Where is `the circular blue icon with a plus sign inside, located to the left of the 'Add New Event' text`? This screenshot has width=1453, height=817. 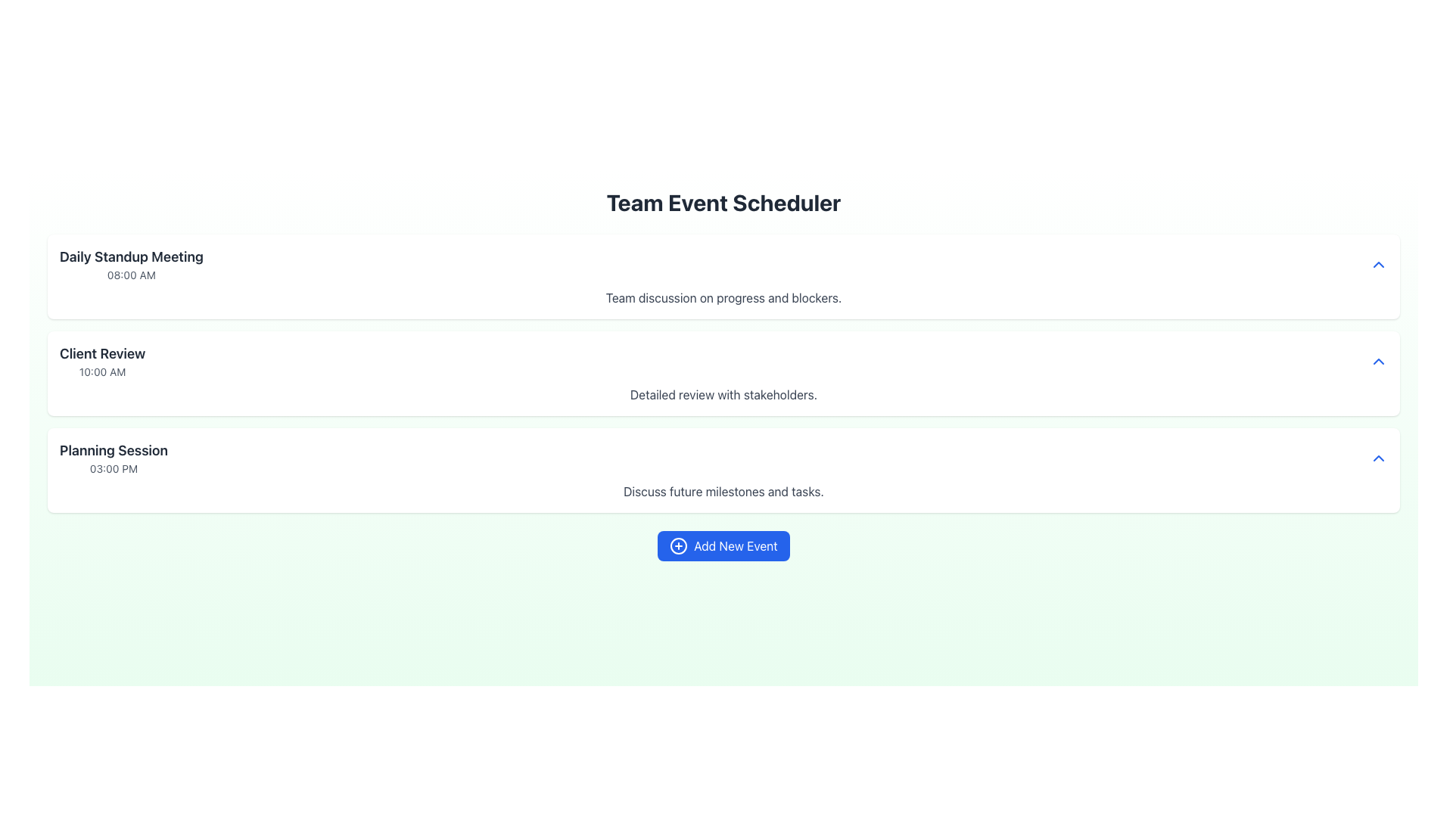
the circular blue icon with a plus sign inside, located to the left of the 'Add New Event' text is located at coordinates (678, 545).